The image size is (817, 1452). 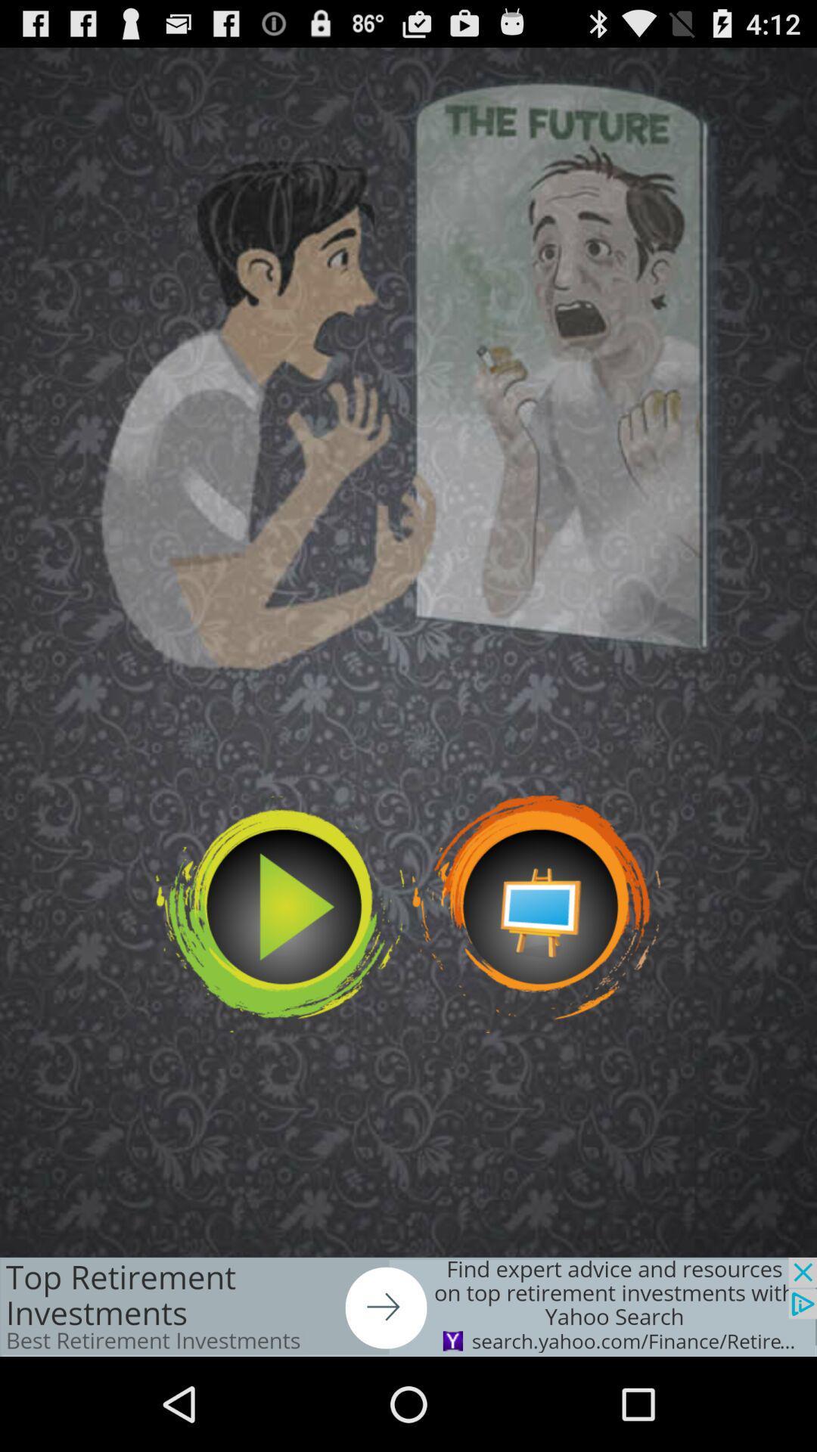 What do you see at coordinates (408, 1306) in the screenshot?
I see `arrow option` at bounding box center [408, 1306].